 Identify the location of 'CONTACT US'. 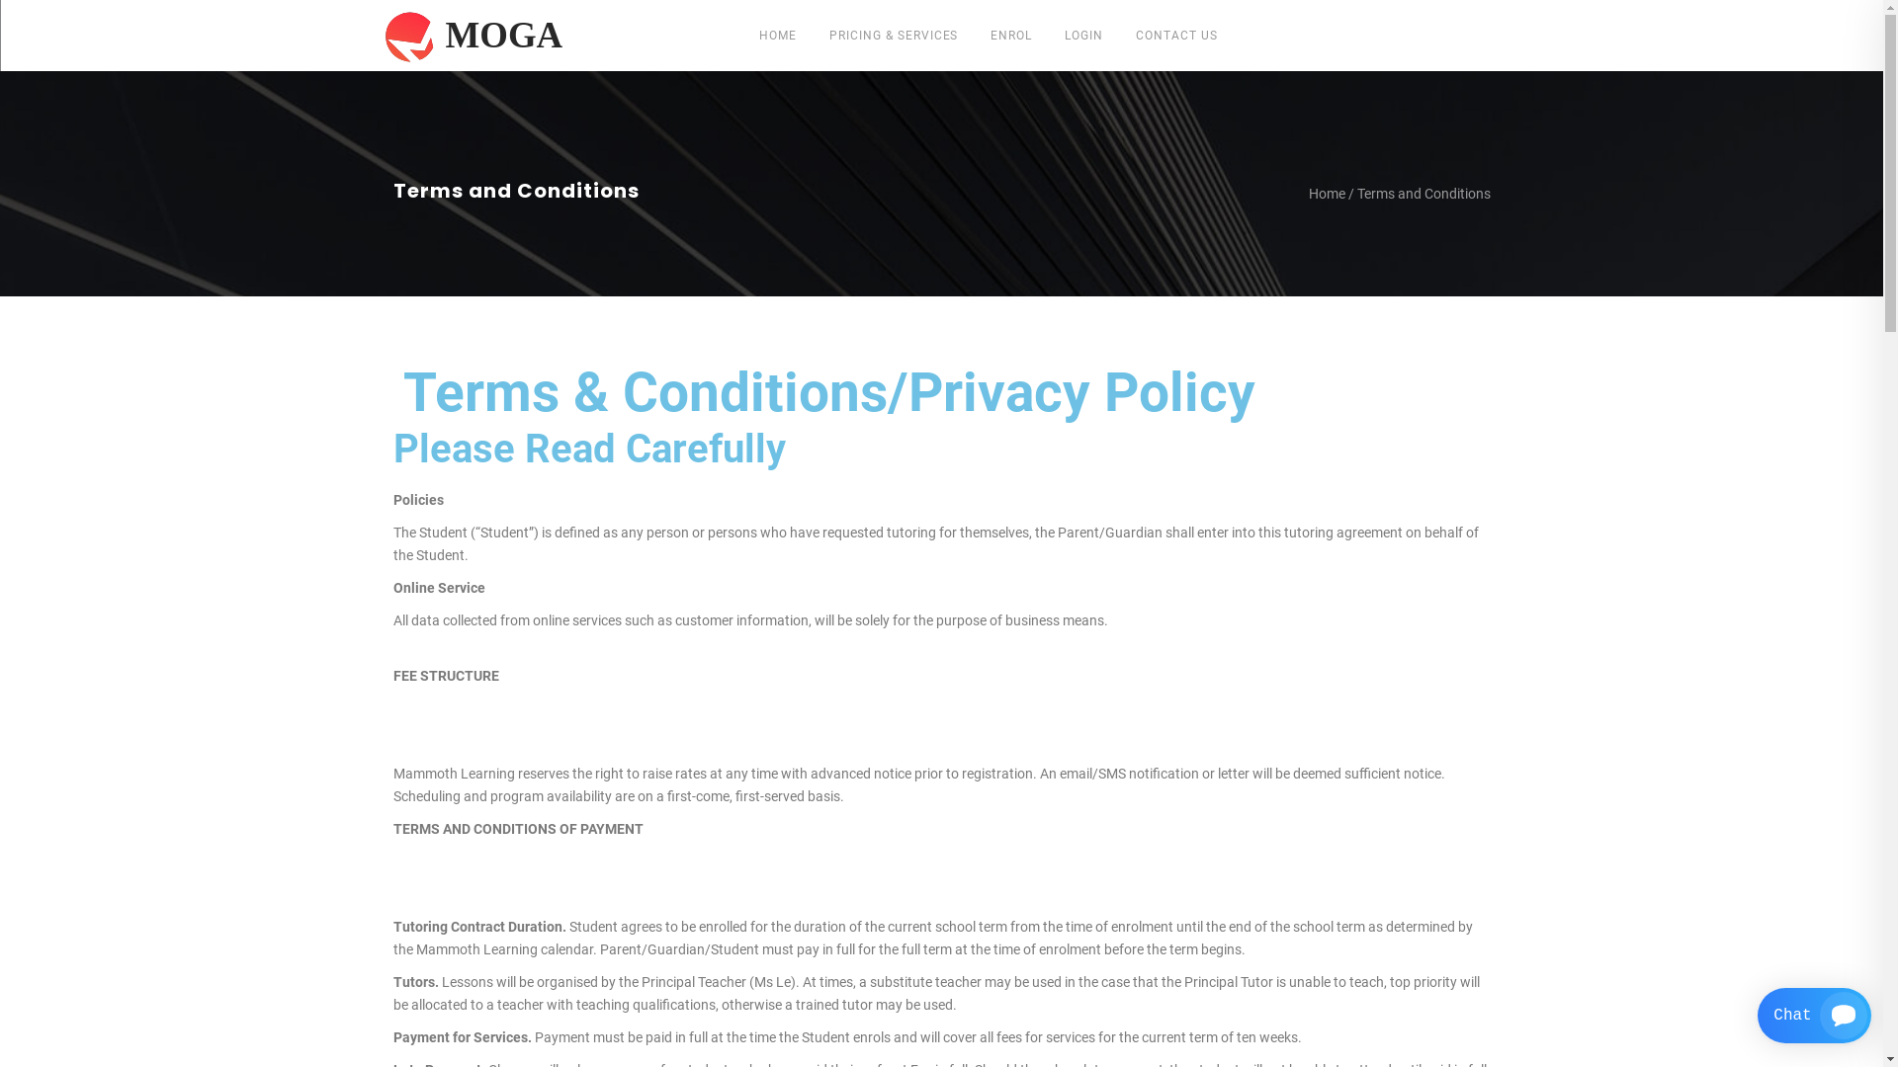
(1176, 35).